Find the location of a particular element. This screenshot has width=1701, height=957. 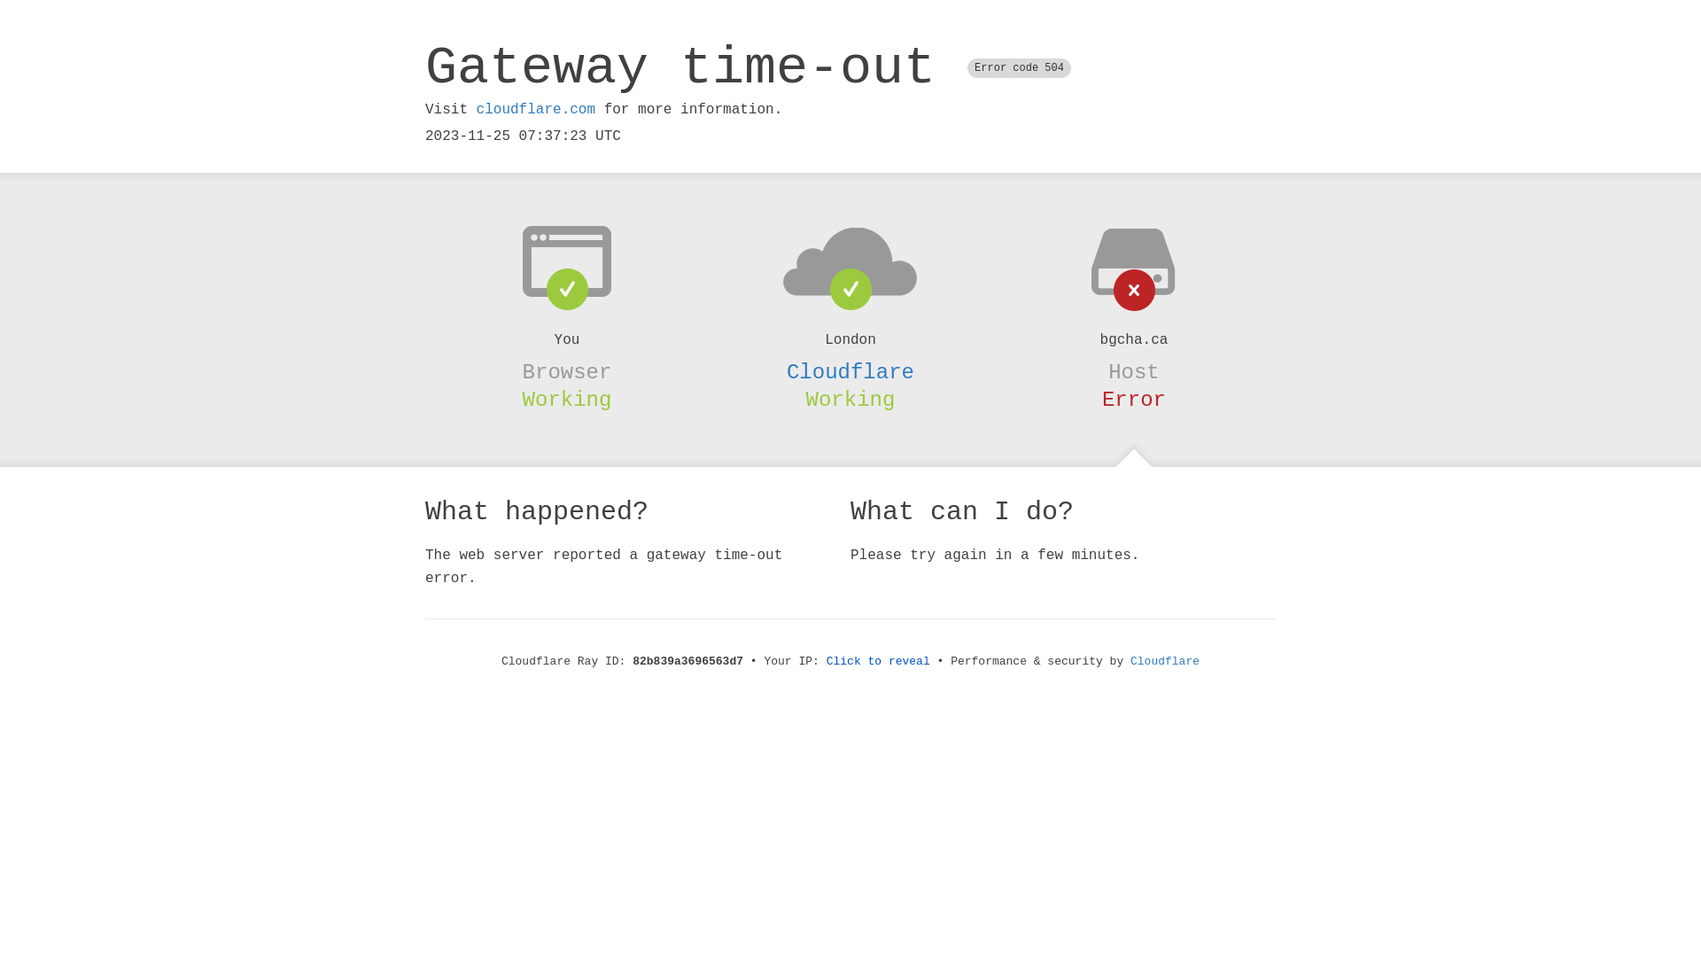

'Cloudflare' is located at coordinates (850, 371).